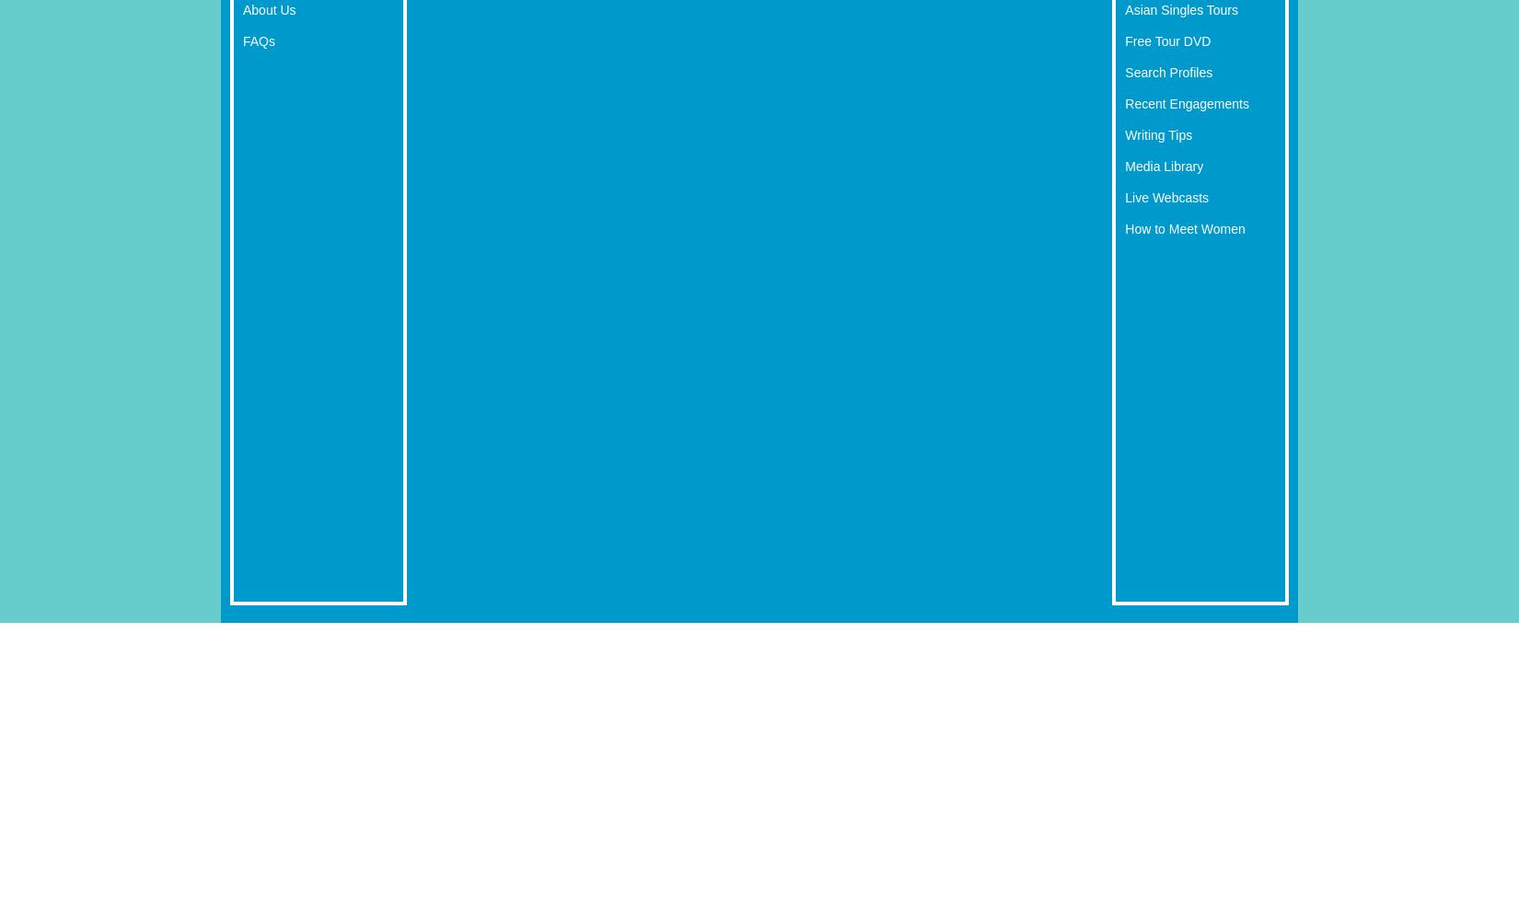 The height and width of the screenshot is (920, 1519). I want to click on 'How to Meet Women', so click(1184, 227).